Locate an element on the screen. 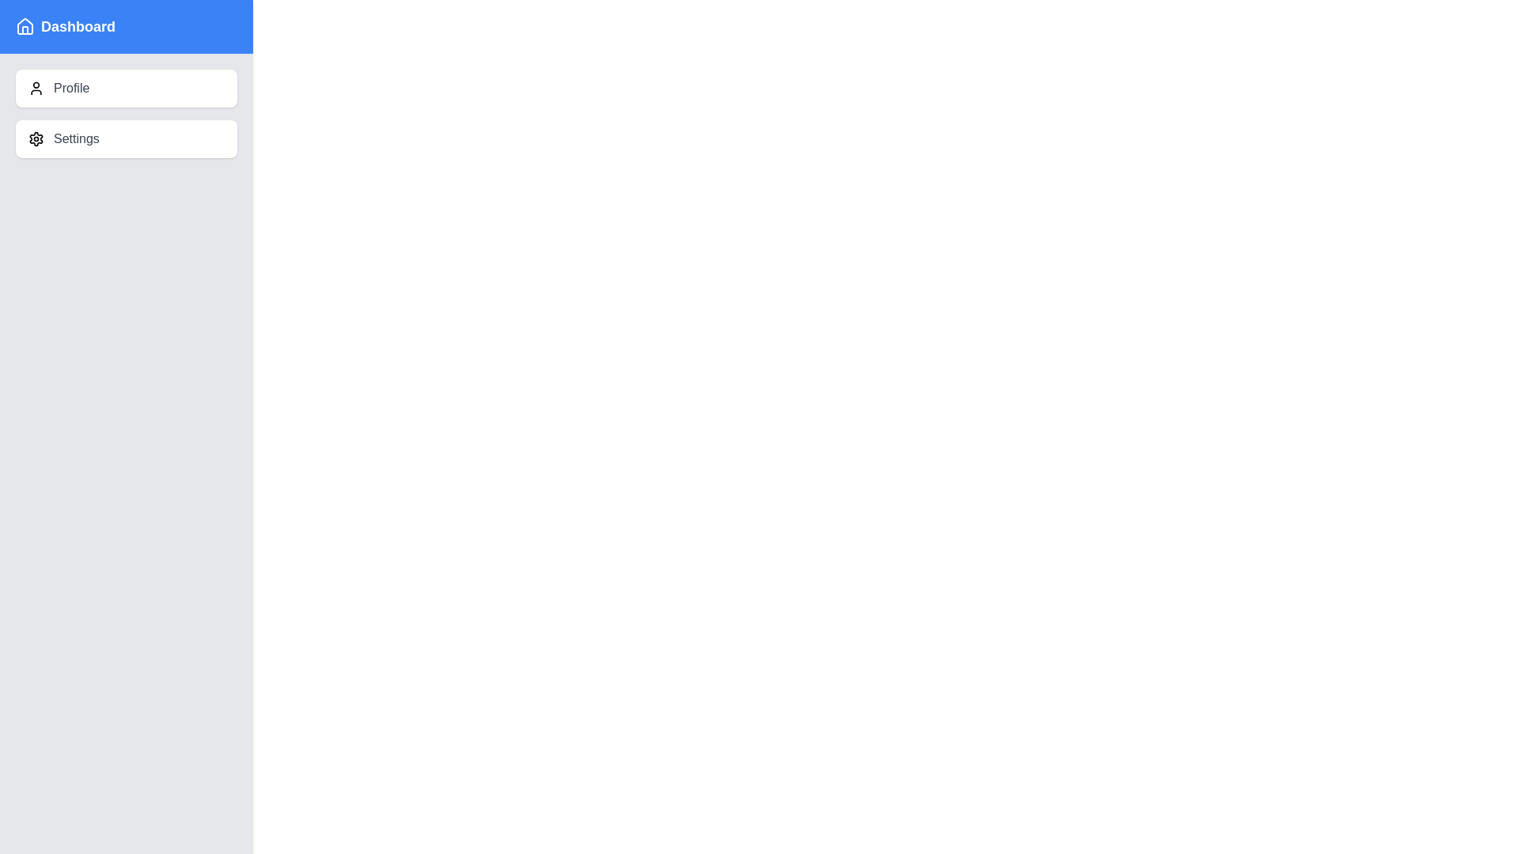 Image resolution: width=1519 pixels, height=854 pixels. the 'Profile' menu item is located at coordinates (125, 88).